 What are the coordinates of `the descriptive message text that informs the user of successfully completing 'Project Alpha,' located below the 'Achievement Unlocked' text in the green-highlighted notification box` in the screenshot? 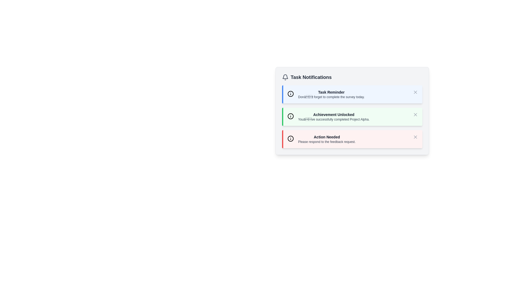 It's located at (333, 119).